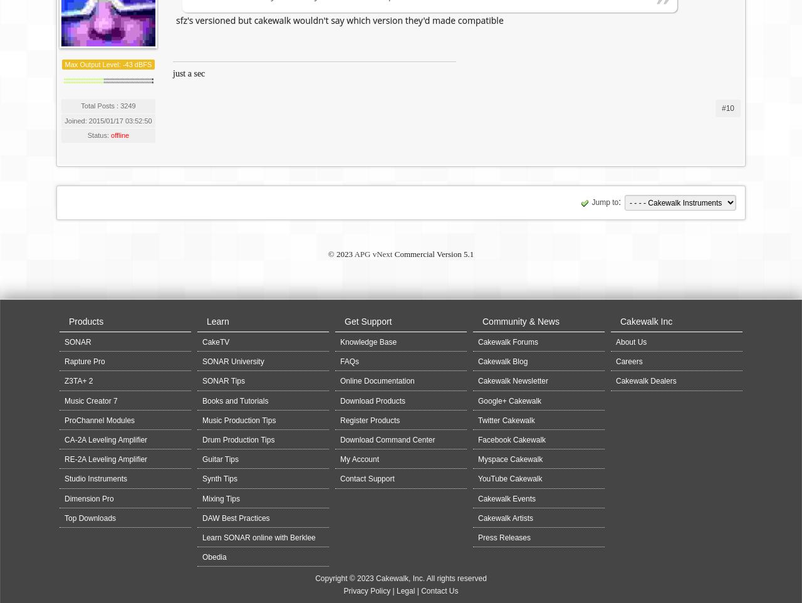 The width and height of the screenshot is (802, 603). I want to click on 'Myspace Cakewalk', so click(510, 459).